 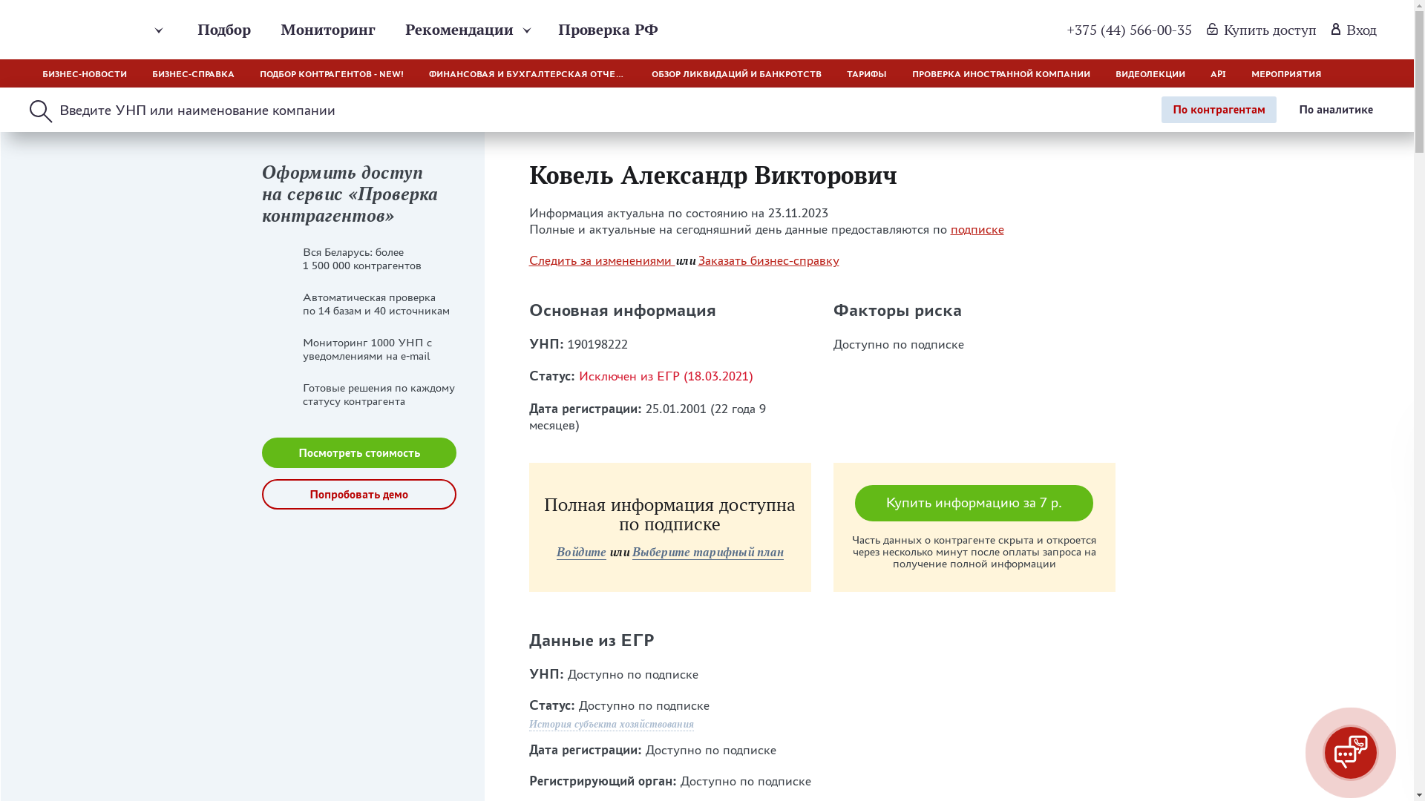 What do you see at coordinates (1128, 29) in the screenshot?
I see `'+375 (44) 566-00-35'` at bounding box center [1128, 29].